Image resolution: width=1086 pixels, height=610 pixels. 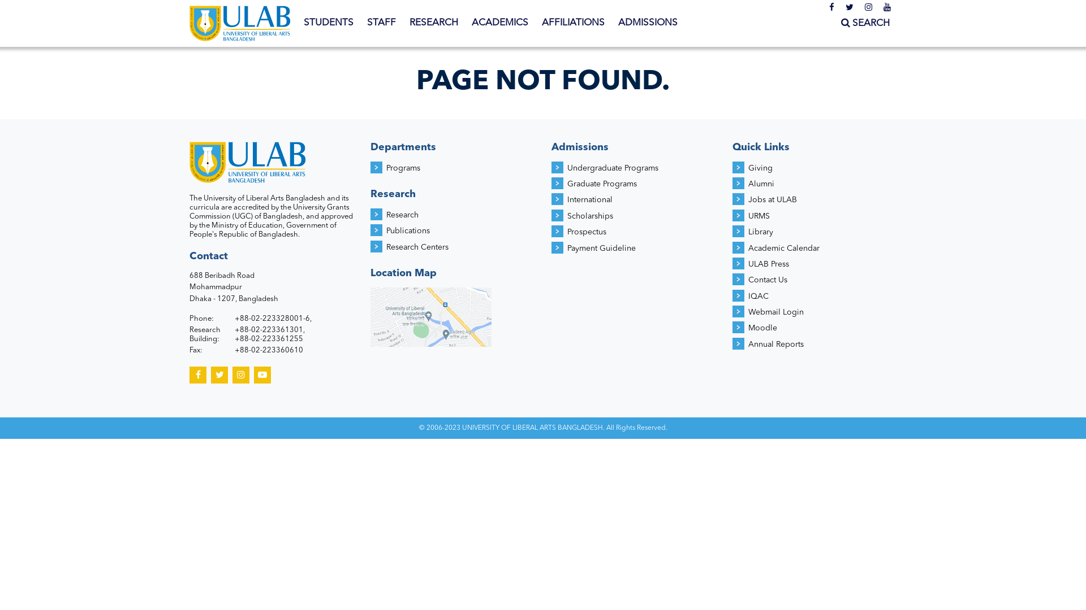 I want to click on 'Scholarships', so click(x=589, y=216).